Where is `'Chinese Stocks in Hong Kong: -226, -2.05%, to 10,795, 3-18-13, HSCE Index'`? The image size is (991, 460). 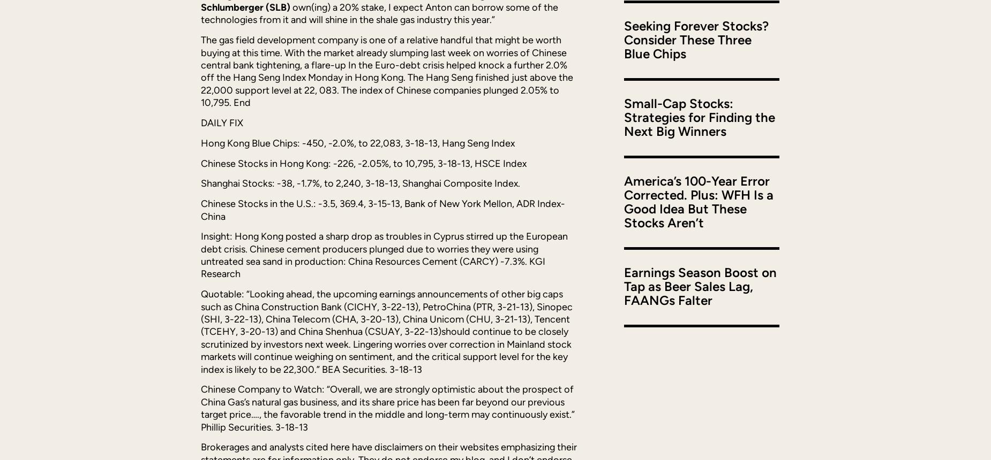 'Chinese Stocks in Hong Kong: -226, -2.05%, to 10,795, 3-18-13, HSCE Index' is located at coordinates (363, 163).